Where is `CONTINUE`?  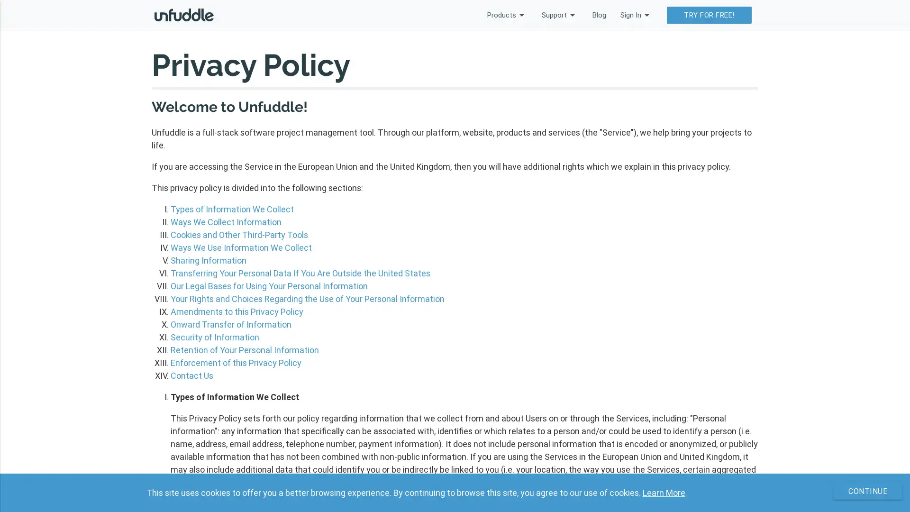 CONTINUE is located at coordinates (862, 491).